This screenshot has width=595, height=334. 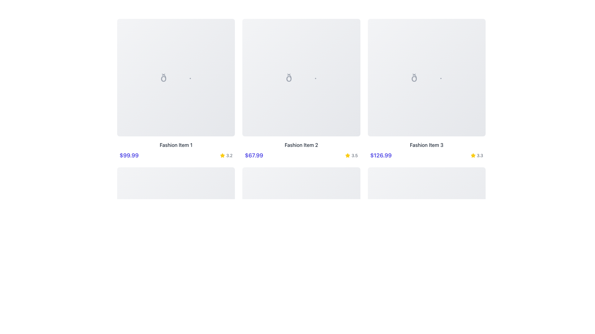 What do you see at coordinates (426, 155) in the screenshot?
I see `the price or rating in the Composite element displaying the price '$126.99' and rating '3.3' with a star icon for additional actions` at bounding box center [426, 155].